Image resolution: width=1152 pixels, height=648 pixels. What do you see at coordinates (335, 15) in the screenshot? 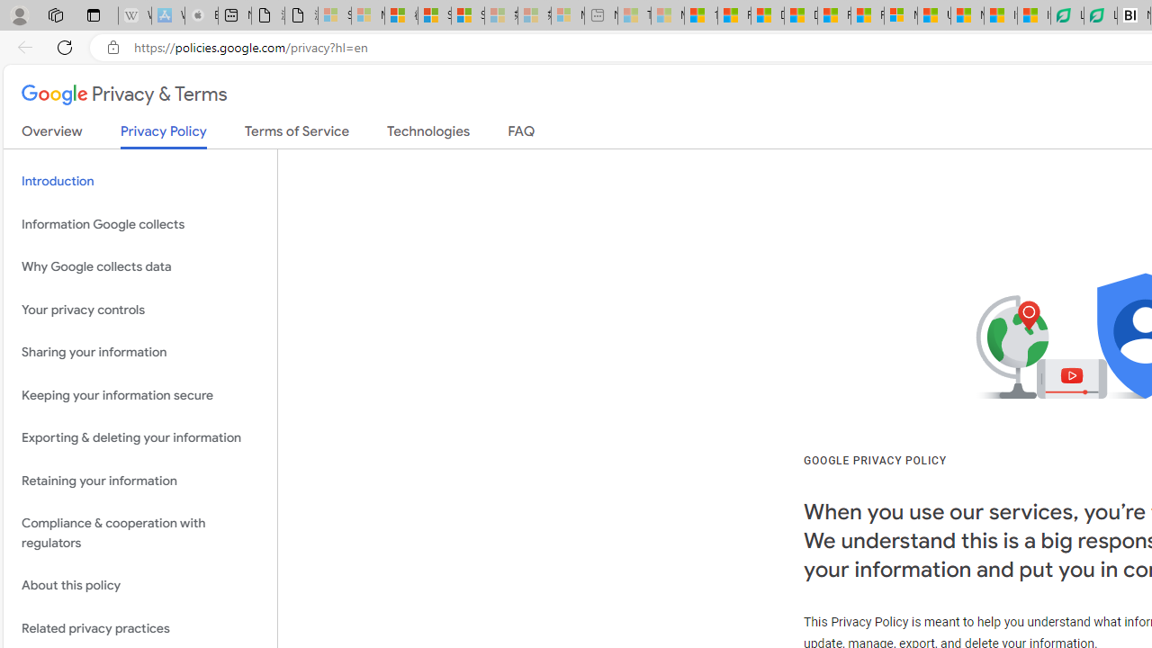
I see `'Sign in to your Microsoft account - Sleeping'` at bounding box center [335, 15].